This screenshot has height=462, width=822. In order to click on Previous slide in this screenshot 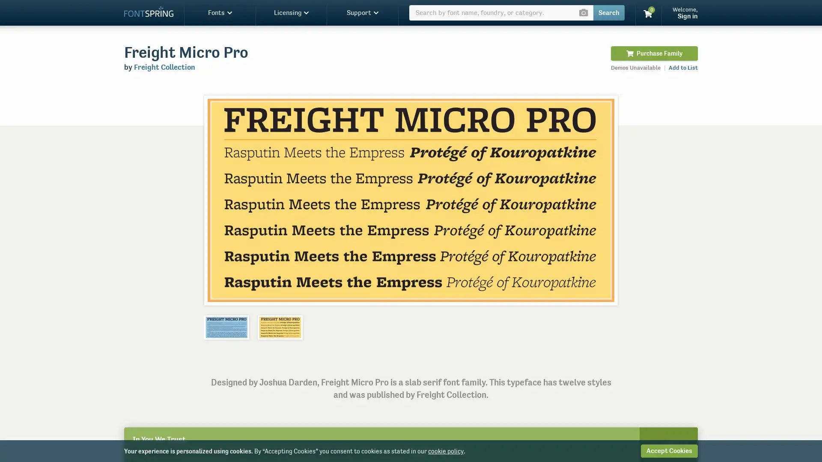, I will do `click(220, 200)`.